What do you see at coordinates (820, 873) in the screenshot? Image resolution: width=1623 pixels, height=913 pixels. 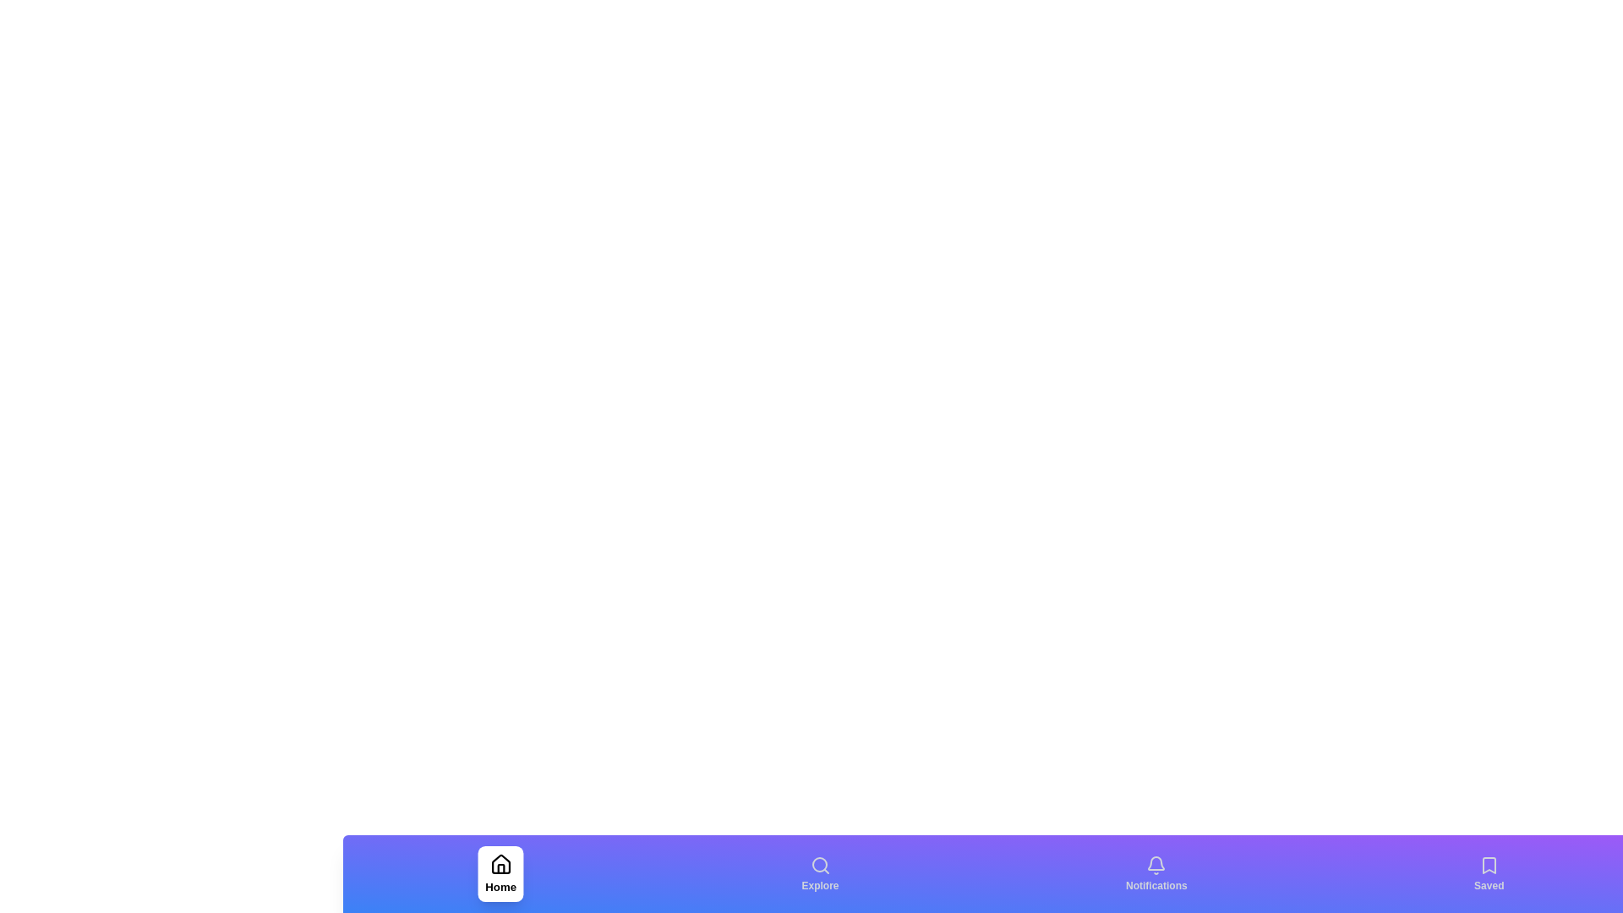 I see `the Explore navigation tab` at bounding box center [820, 873].